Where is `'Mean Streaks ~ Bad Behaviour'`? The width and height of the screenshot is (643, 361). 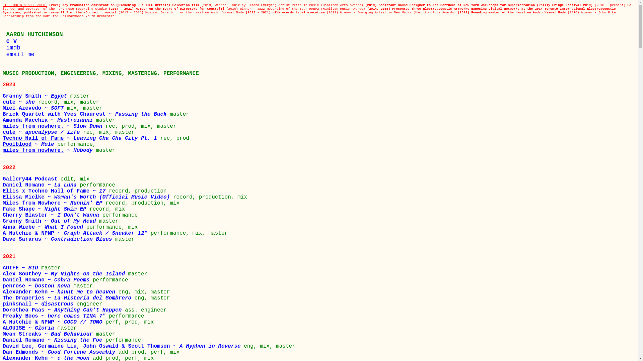 'Mean Streaks ~ Bad Behaviour' is located at coordinates (49, 334).